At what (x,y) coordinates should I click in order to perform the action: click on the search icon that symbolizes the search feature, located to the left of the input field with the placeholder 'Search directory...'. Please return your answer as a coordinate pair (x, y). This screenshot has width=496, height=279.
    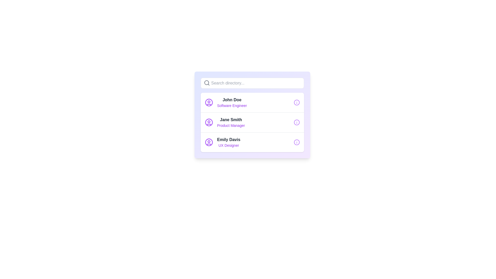
    Looking at the image, I should click on (207, 82).